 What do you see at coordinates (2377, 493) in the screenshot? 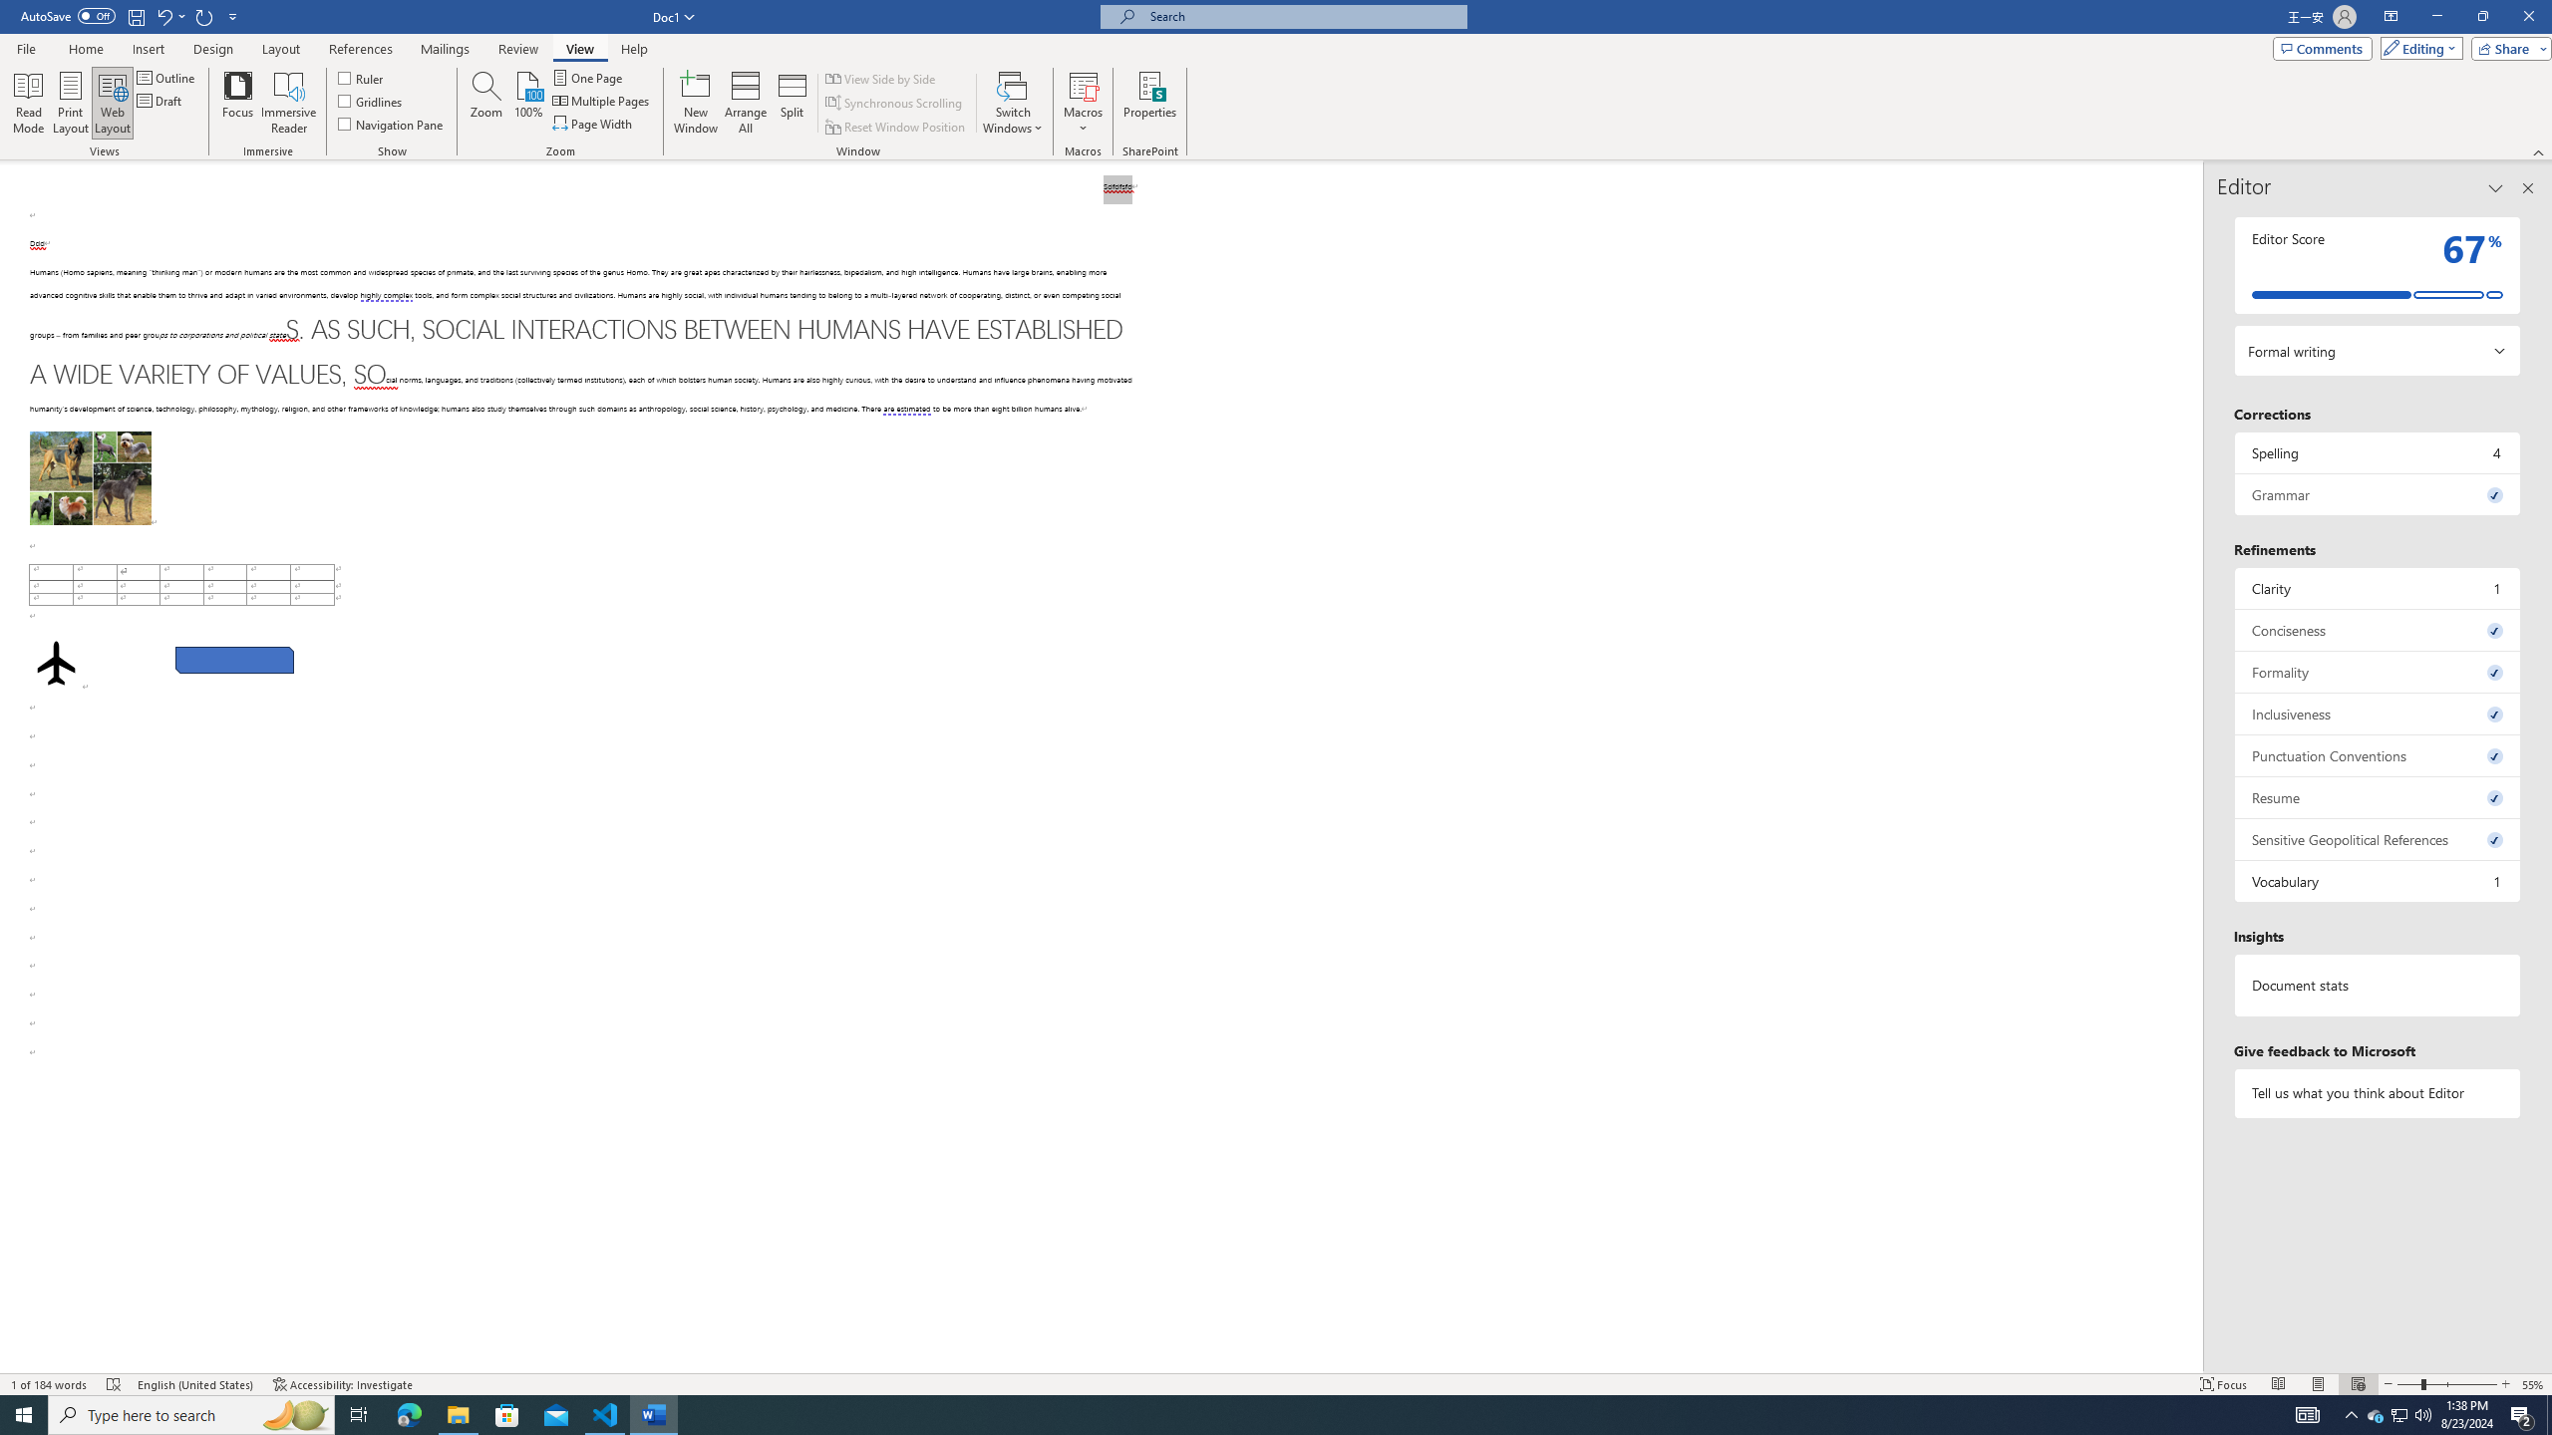
I see `'Grammar, 0 issues. Press space or enter to review items.'` at bounding box center [2377, 493].